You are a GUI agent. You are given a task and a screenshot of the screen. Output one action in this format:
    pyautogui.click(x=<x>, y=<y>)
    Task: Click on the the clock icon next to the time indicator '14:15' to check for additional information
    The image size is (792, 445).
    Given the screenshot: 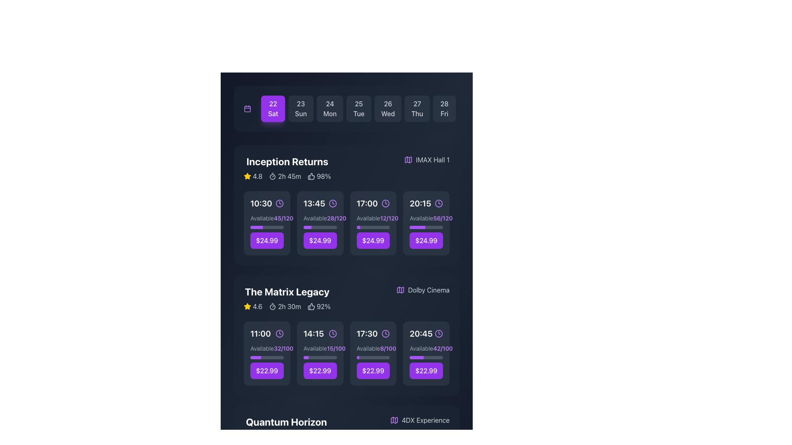 What is the action you would take?
    pyautogui.click(x=320, y=334)
    